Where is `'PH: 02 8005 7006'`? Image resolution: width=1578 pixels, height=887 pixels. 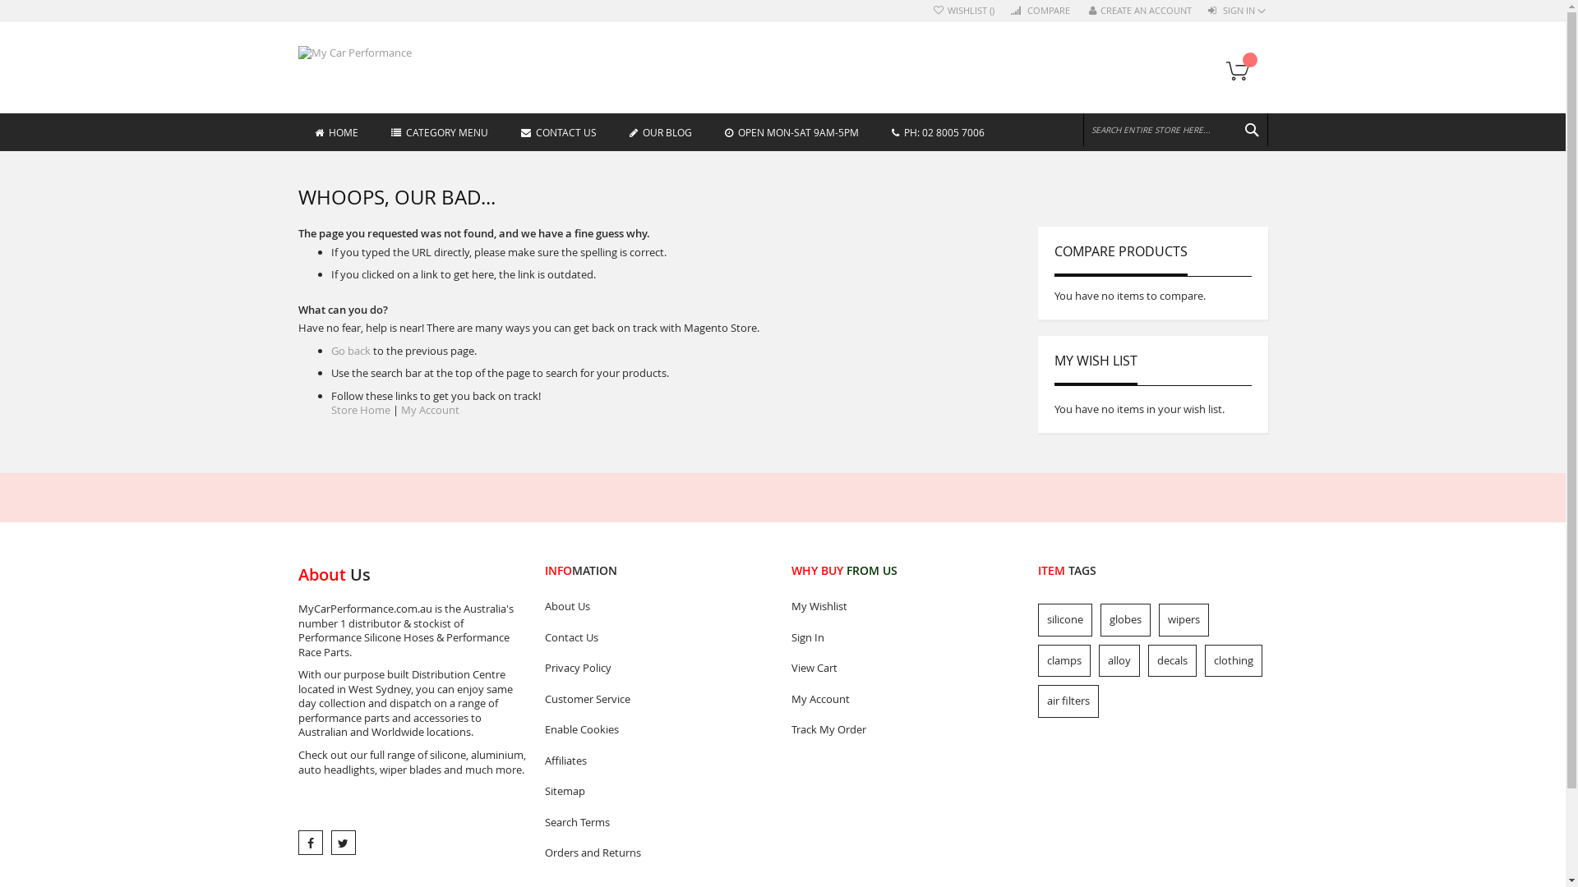
'PH: 02 8005 7006' is located at coordinates (874, 131).